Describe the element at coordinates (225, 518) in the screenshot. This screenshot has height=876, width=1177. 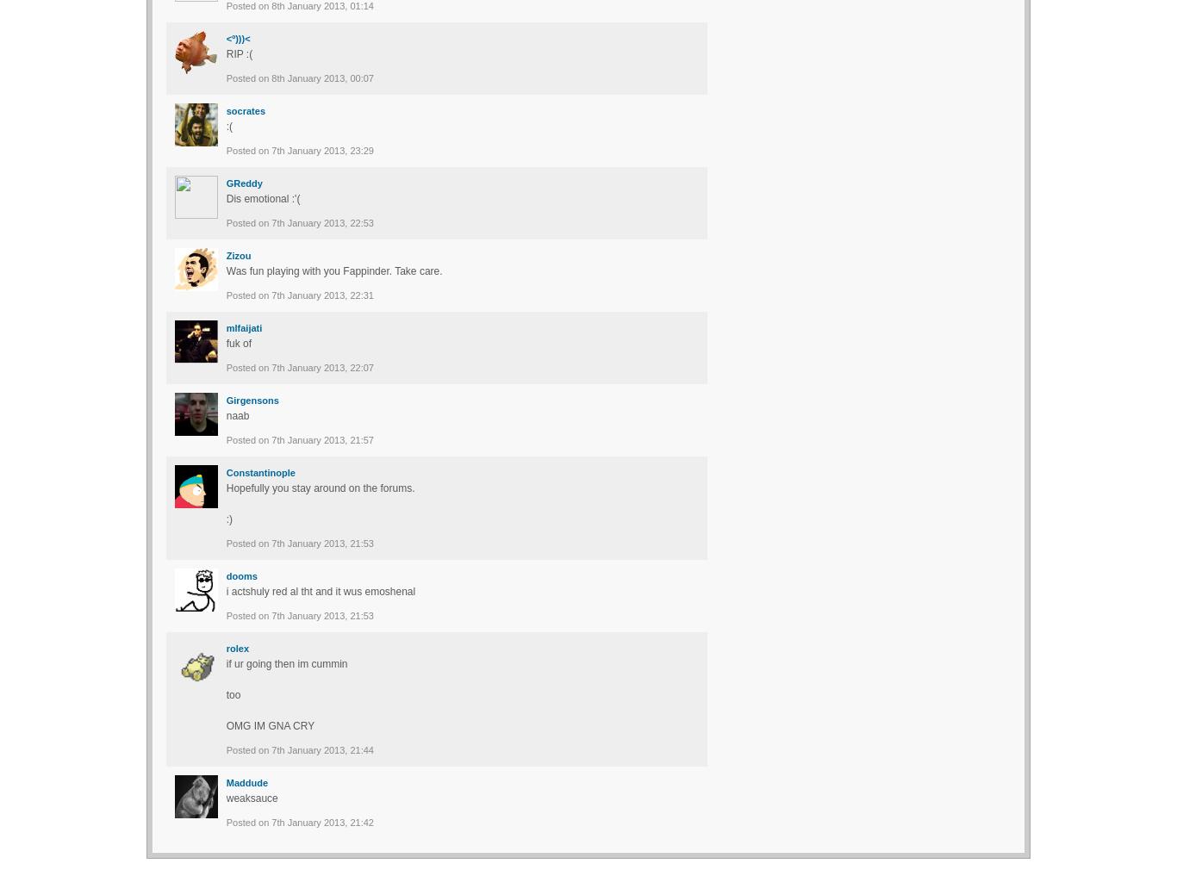
I see `':)'` at that location.